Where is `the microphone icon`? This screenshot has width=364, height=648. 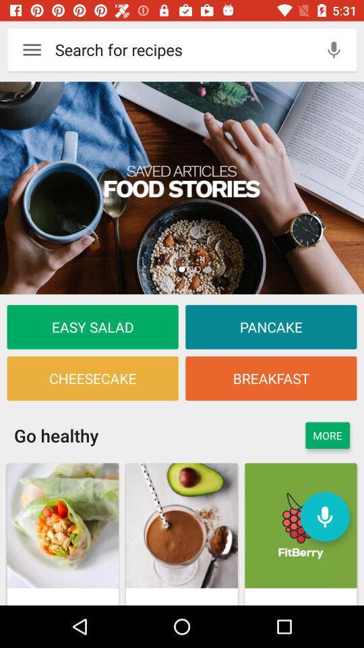 the microphone icon is located at coordinates (333, 49).